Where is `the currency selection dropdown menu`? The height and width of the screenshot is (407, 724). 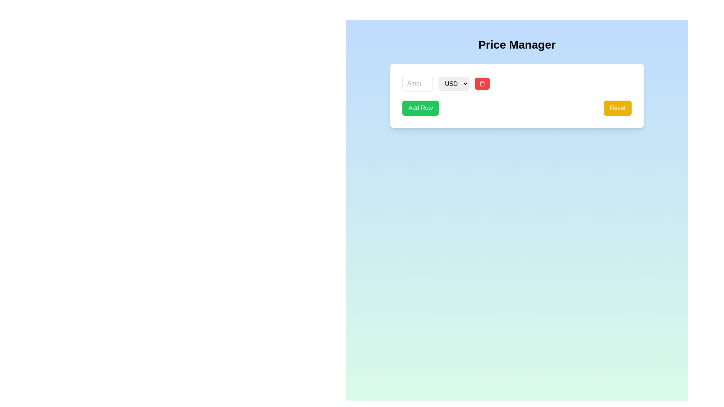 the currency selection dropdown menu is located at coordinates (453, 84).